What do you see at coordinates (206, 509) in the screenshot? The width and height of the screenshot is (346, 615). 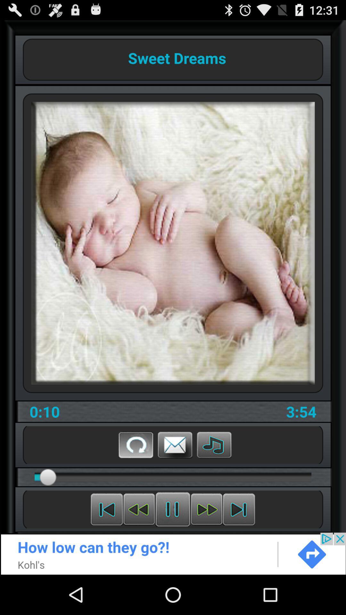 I see `fast forward` at bounding box center [206, 509].